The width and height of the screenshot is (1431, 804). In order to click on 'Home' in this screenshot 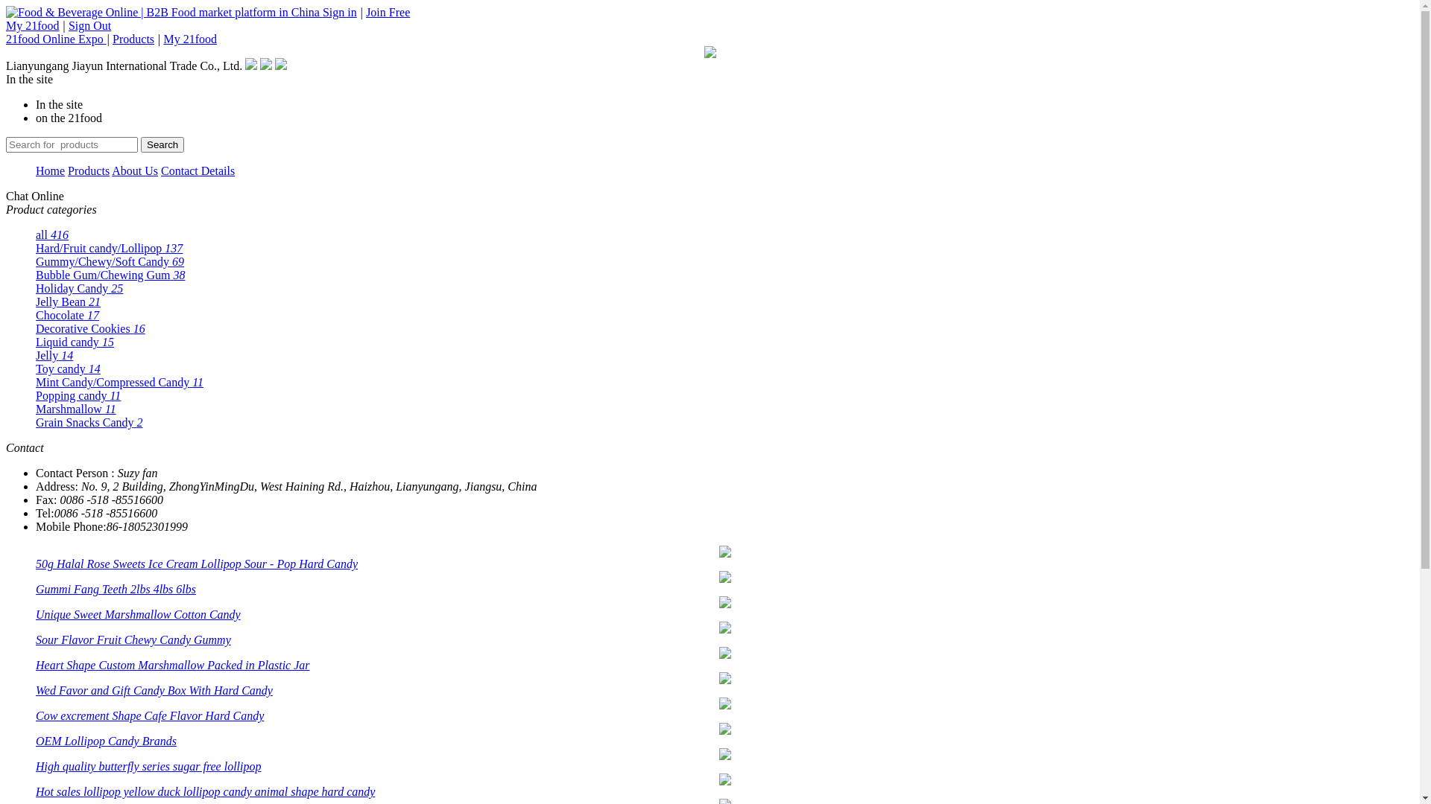, I will do `click(50, 170)`.